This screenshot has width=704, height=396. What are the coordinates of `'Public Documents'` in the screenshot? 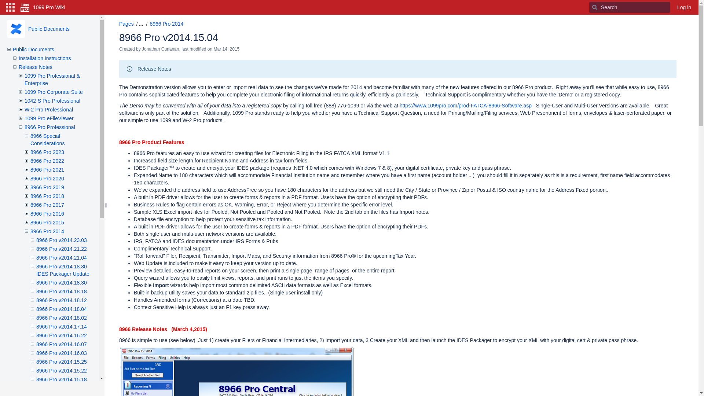 It's located at (33, 49).